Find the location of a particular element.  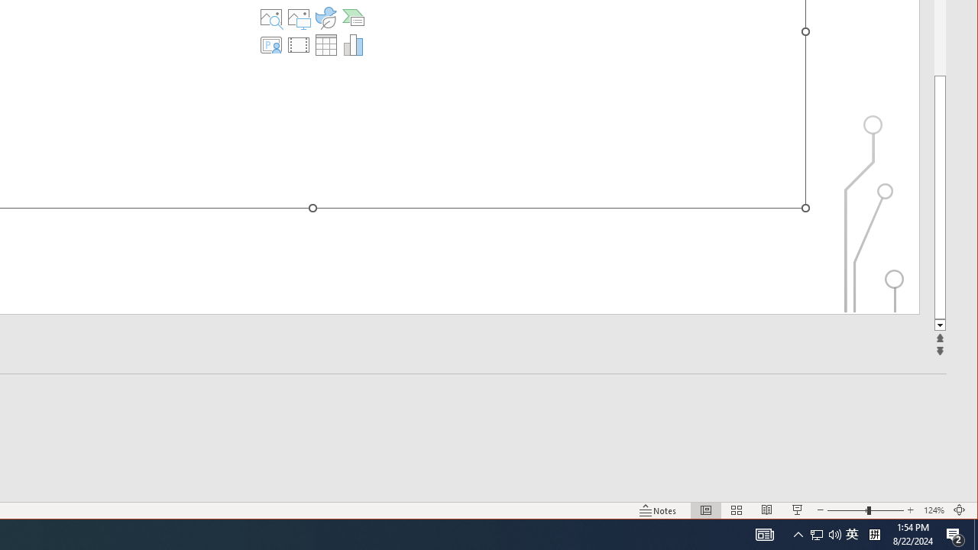

'Insert Chart' is located at coordinates (352, 44).